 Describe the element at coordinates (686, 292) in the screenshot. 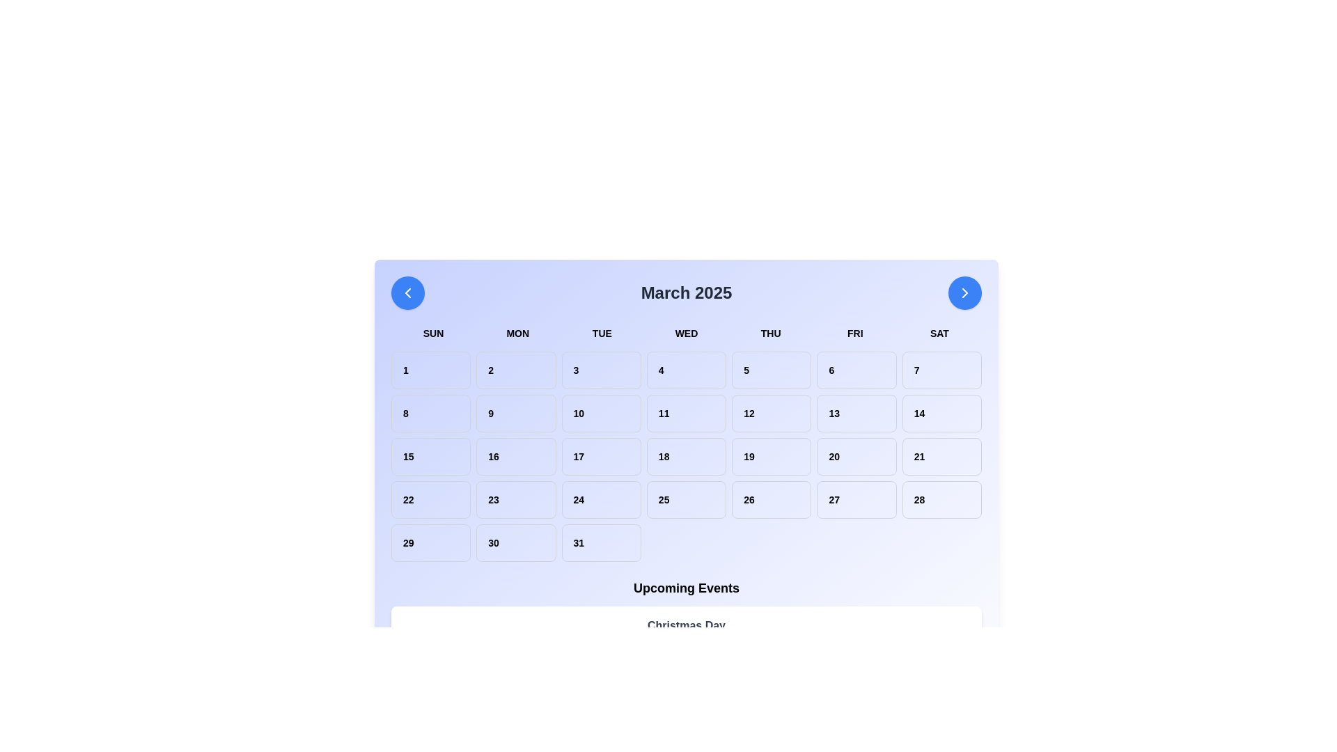

I see `the header title text displaying 'March 2025' which is bold and centered within a blue to white gradient background above the calendar layout` at that location.